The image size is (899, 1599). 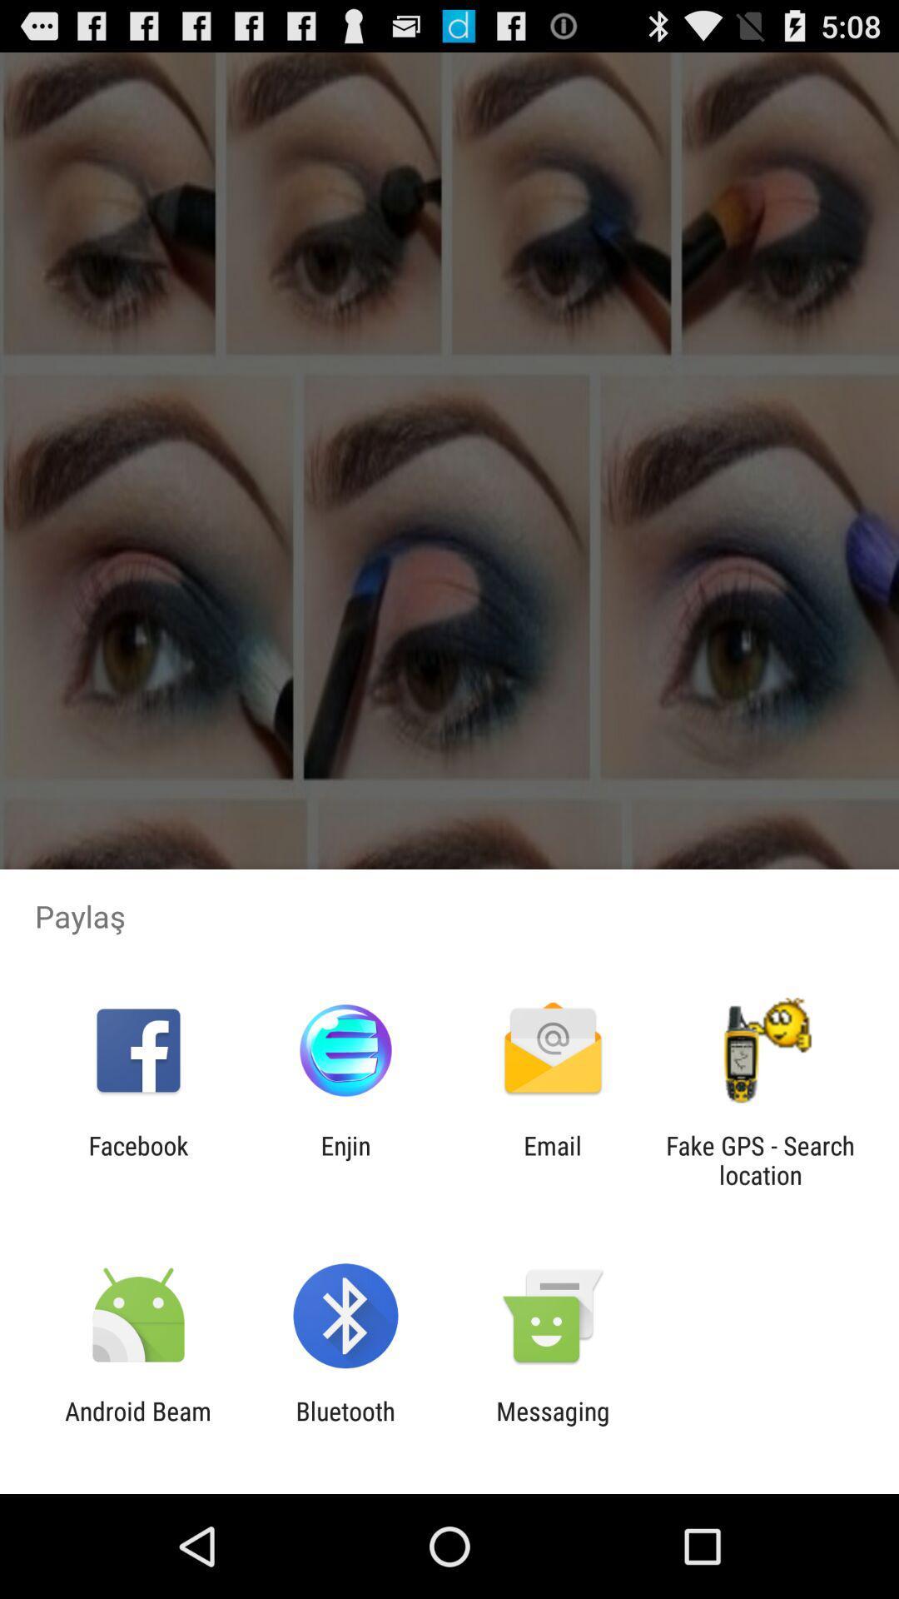 I want to click on the item next to bluetooth app, so click(x=137, y=1425).